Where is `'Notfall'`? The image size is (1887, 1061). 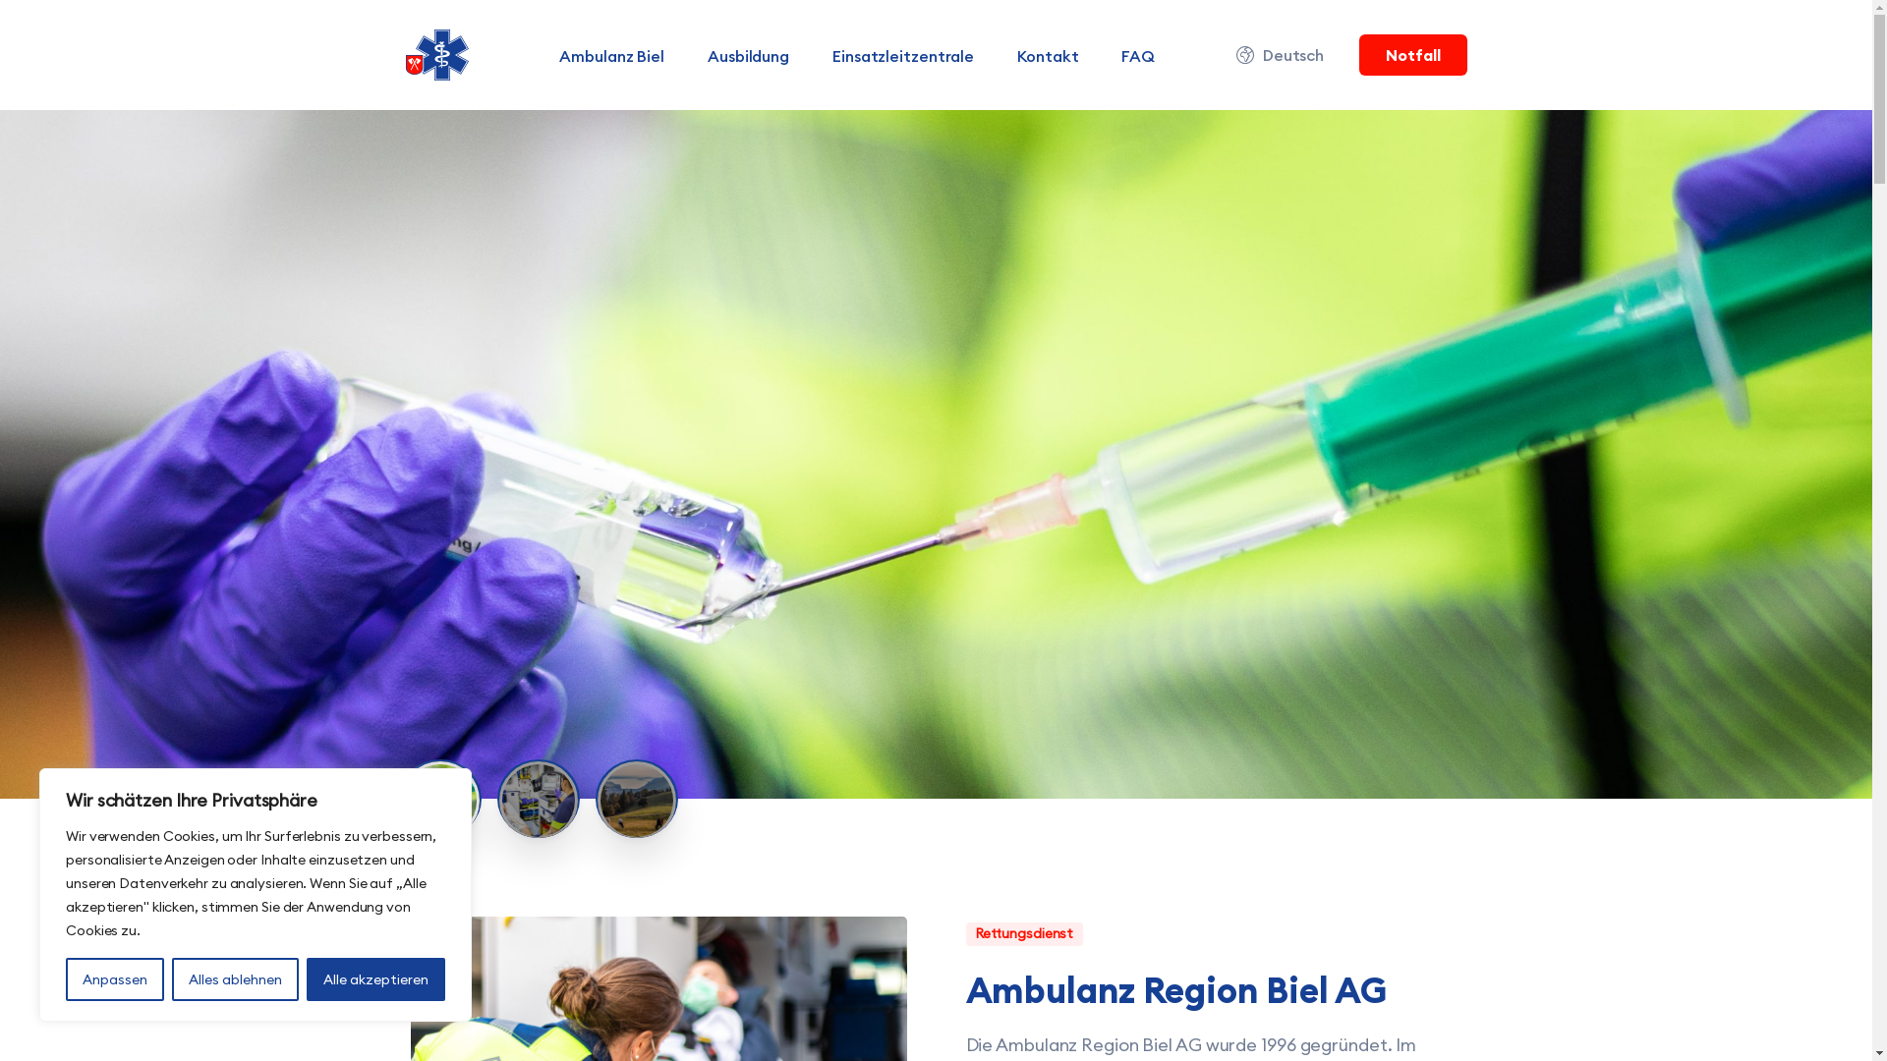 'Notfall' is located at coordinates (1411, 54).